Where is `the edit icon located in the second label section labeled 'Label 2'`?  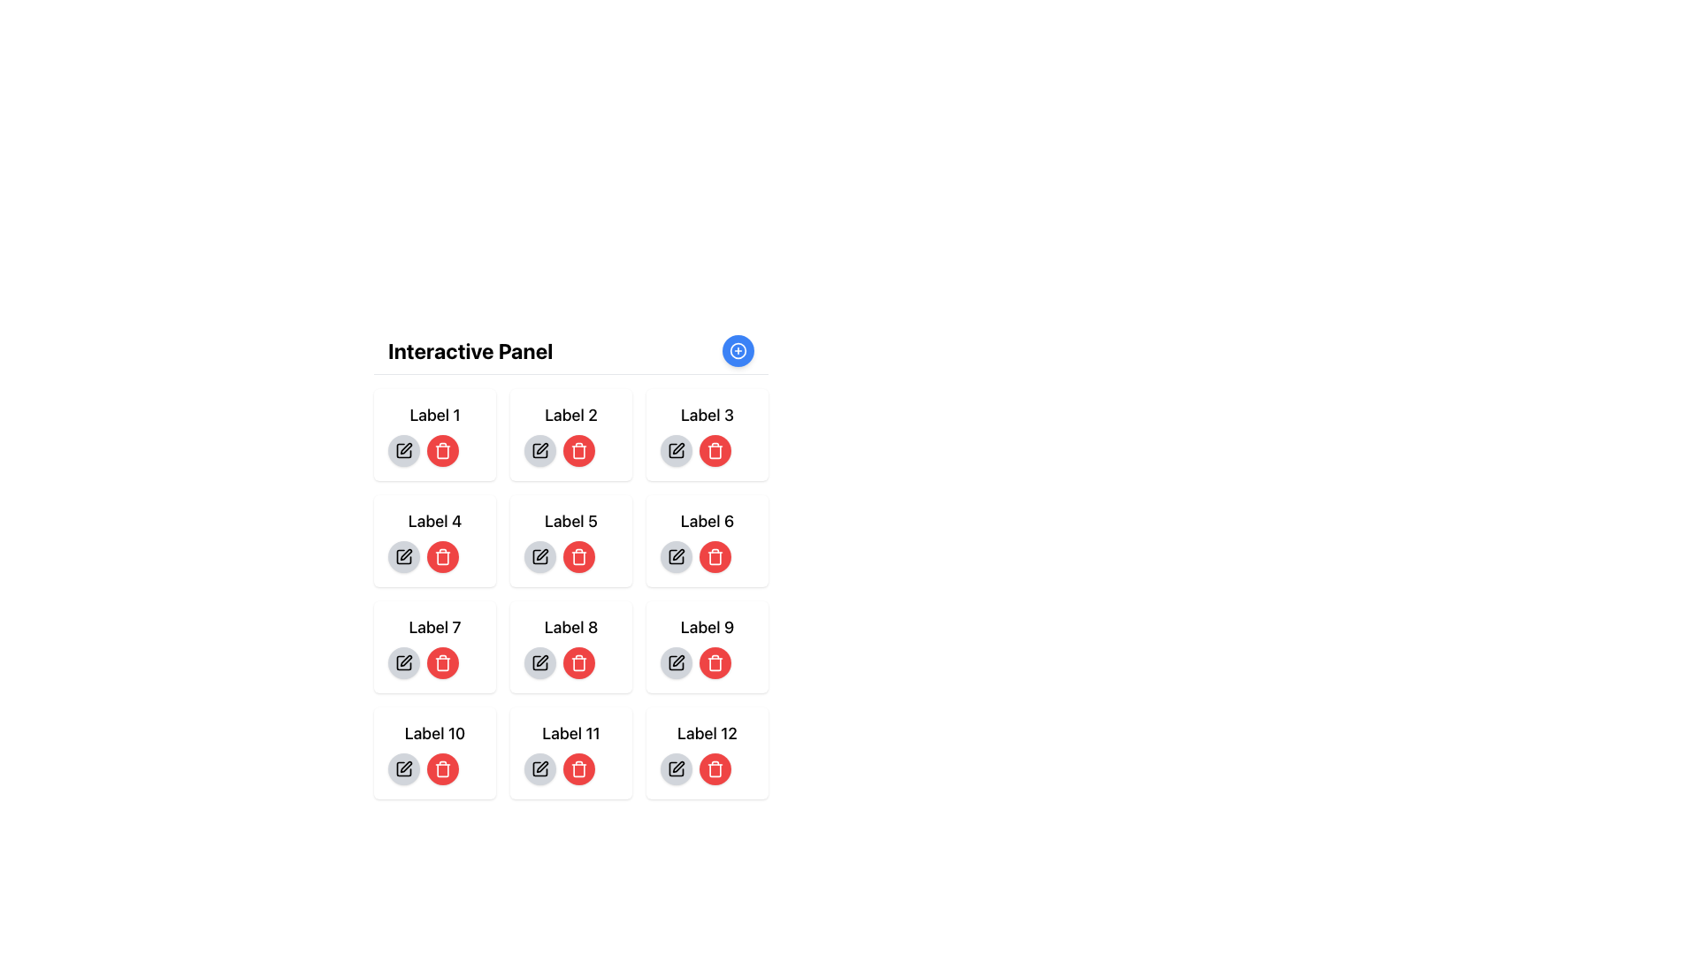
the edit icon located in the second label section labeled 'Label 2' is located at coordinates (539, 449).